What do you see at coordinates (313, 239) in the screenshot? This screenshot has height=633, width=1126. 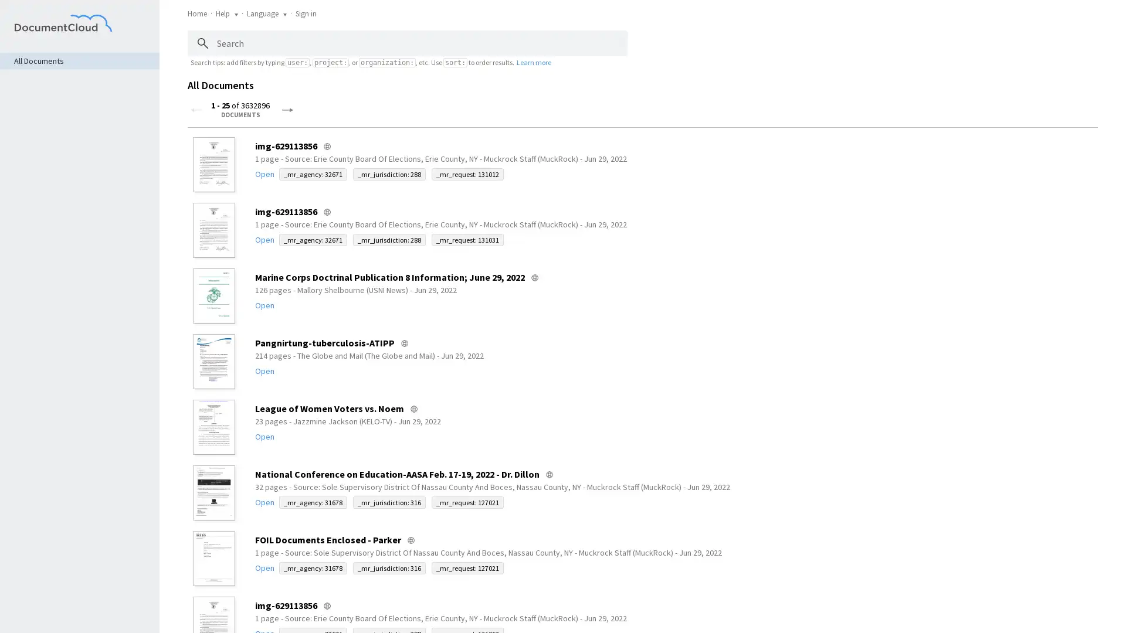 I see `_mr_agency: 32671` at bounding box center [313, 239].